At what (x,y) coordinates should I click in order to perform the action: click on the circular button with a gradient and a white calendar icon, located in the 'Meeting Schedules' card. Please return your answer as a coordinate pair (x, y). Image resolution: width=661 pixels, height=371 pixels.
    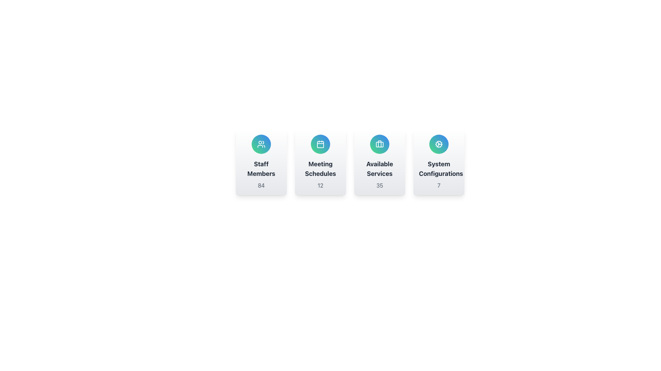
    Looking at the image, I should click on (320, 144).